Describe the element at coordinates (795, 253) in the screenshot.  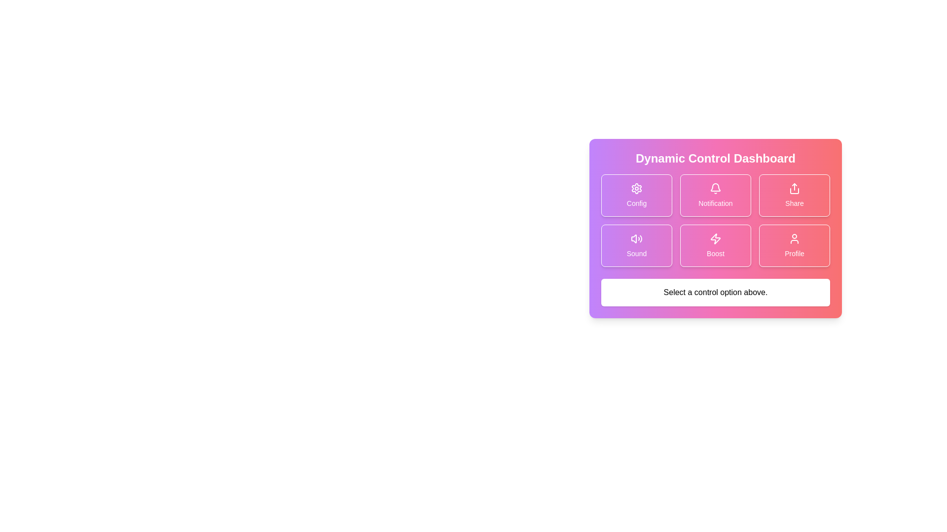
I see `the 'Profile' text label displayed in white on a pink background located at the bottom-right corner of the lower grid in the Dynamic Control Dashboard interface` at that location.